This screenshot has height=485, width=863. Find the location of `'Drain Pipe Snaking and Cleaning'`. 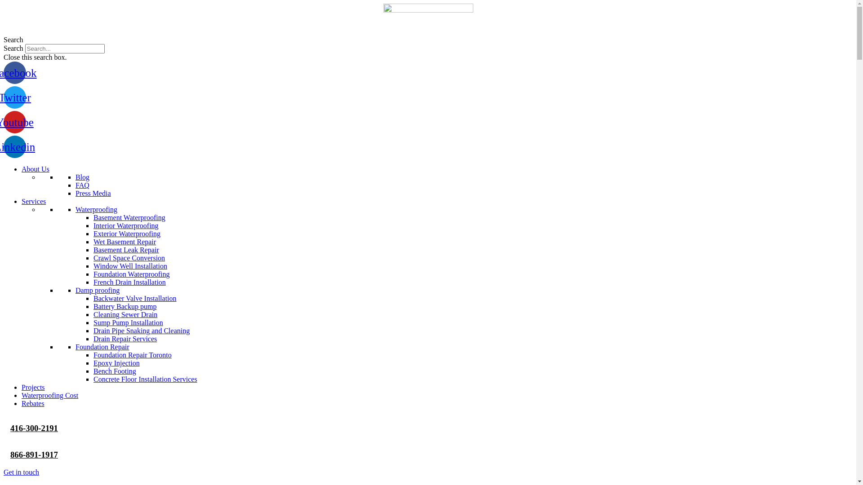

'Drain Pipe Snaking and Cleaning' is located at coordinates (93, 331).